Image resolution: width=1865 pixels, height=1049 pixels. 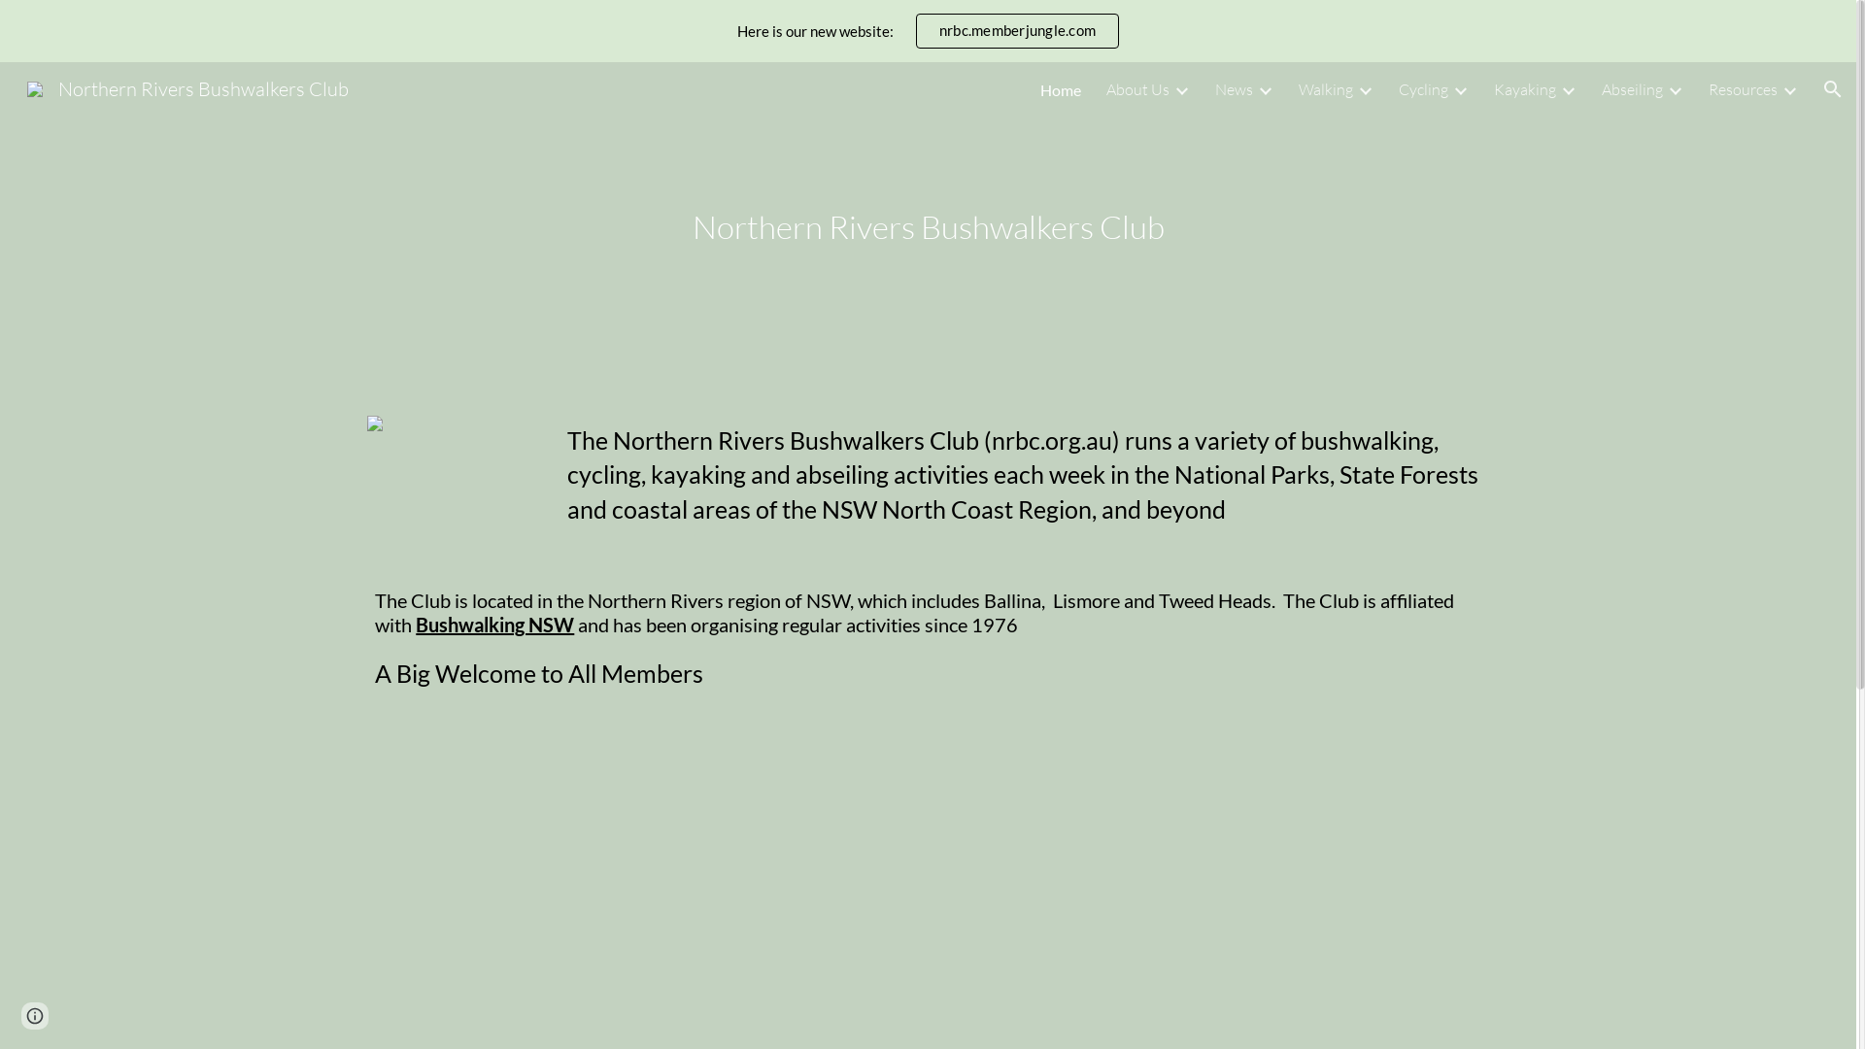 I want to click on 'Expand/Collapse', so click(x=1567, y=89).